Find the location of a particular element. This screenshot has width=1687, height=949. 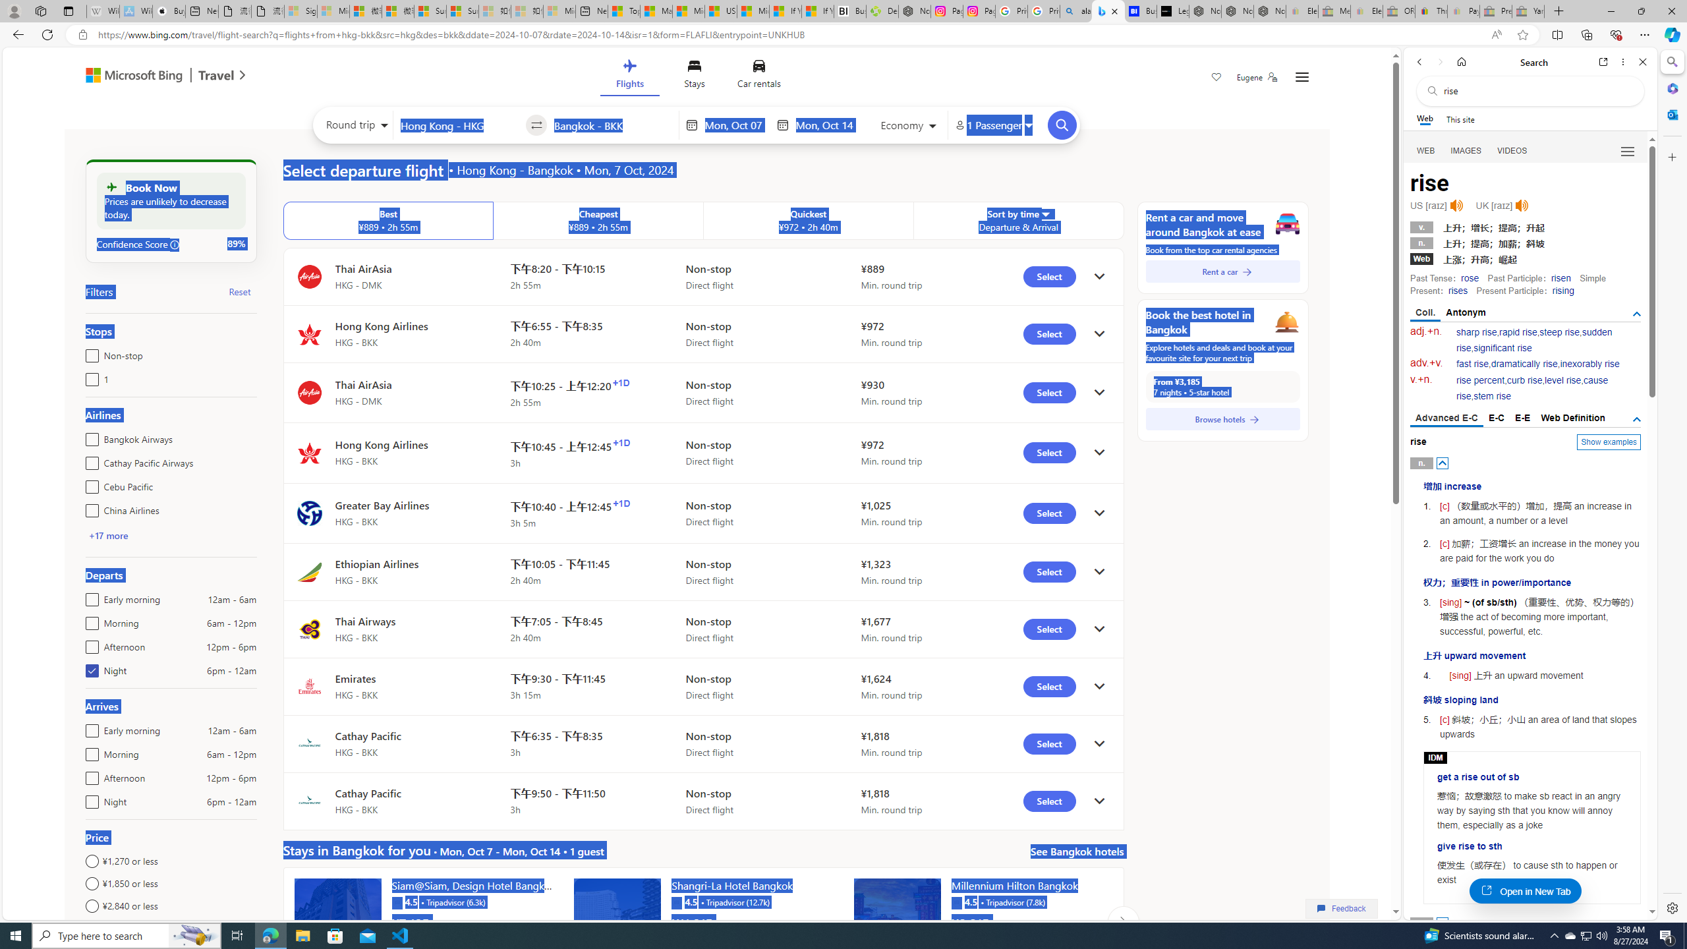

'stem rise' is located at coordinates (1491, 396).